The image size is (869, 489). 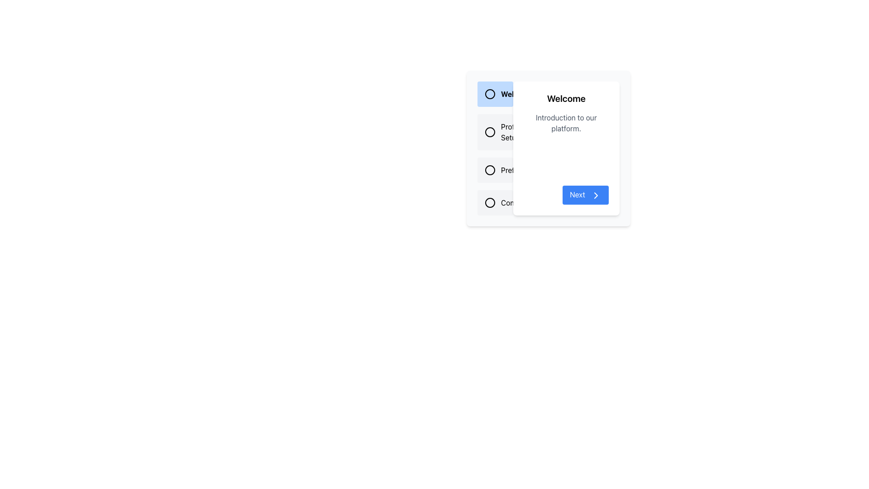 What do you see at coordinates (490, 94) in the screenshot?
I see `the indicator icon located next to the 'Welcome' section, positioned at the top-left corner of its list` at bounding box center [490, 94].